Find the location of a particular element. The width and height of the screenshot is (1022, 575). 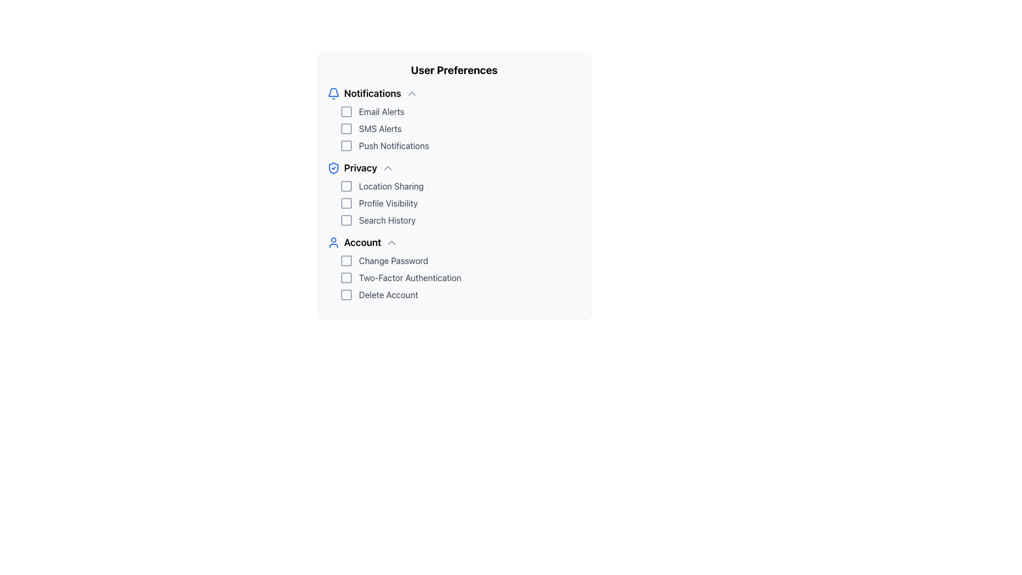

text label that says 'SMS Alerts', which is styled in gray font and located beside a checkbox in the user preferences panel under Notifications is located at coordinates (380, 128).